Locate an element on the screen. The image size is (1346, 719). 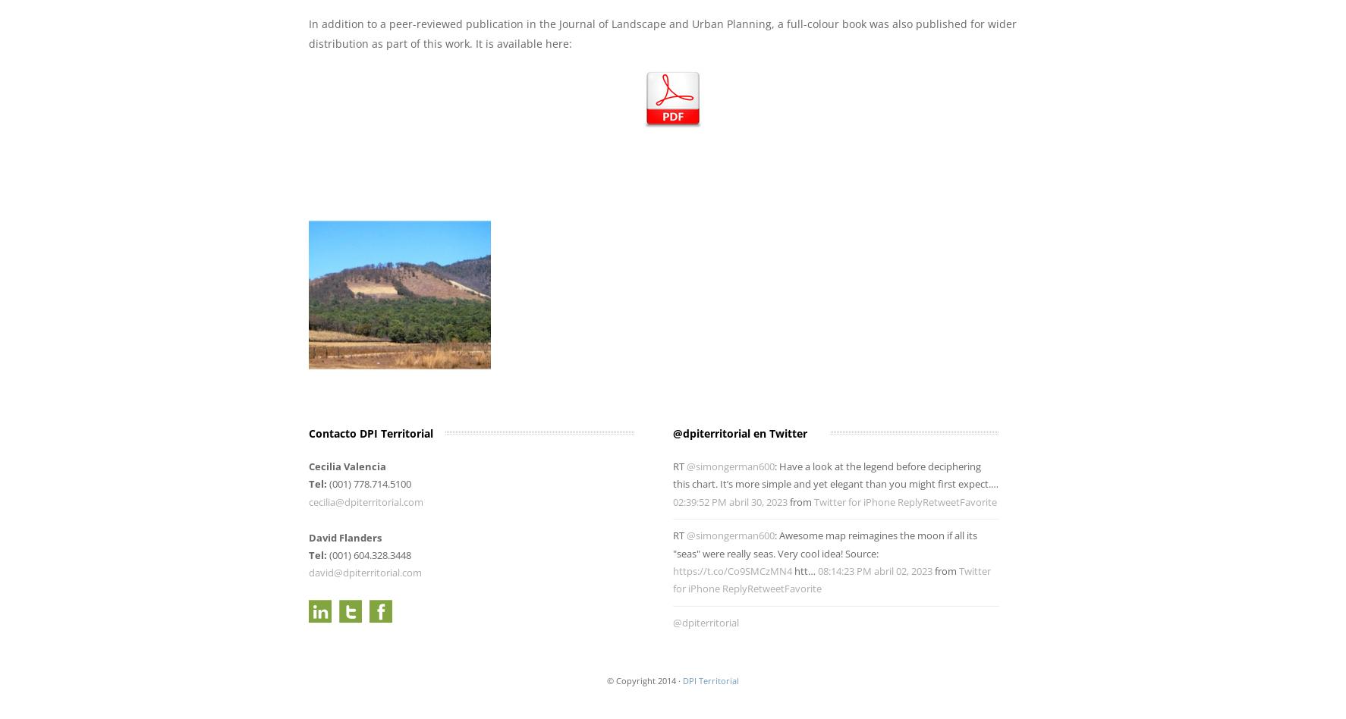
'https://t.co/Co9SMCzMN4' is located at coordinates (673, 570).